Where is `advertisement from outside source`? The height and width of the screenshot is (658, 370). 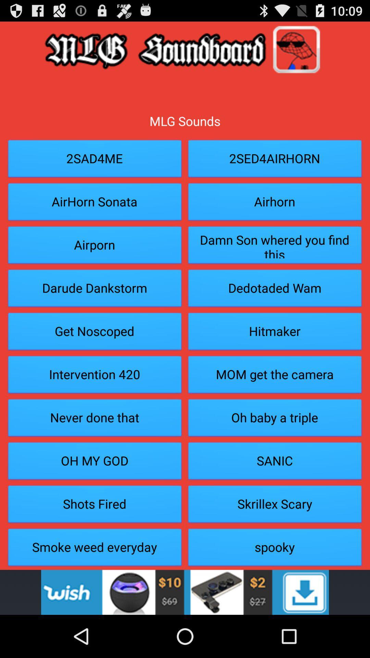 advertisement from outside source is located at coordinates (185, 592).